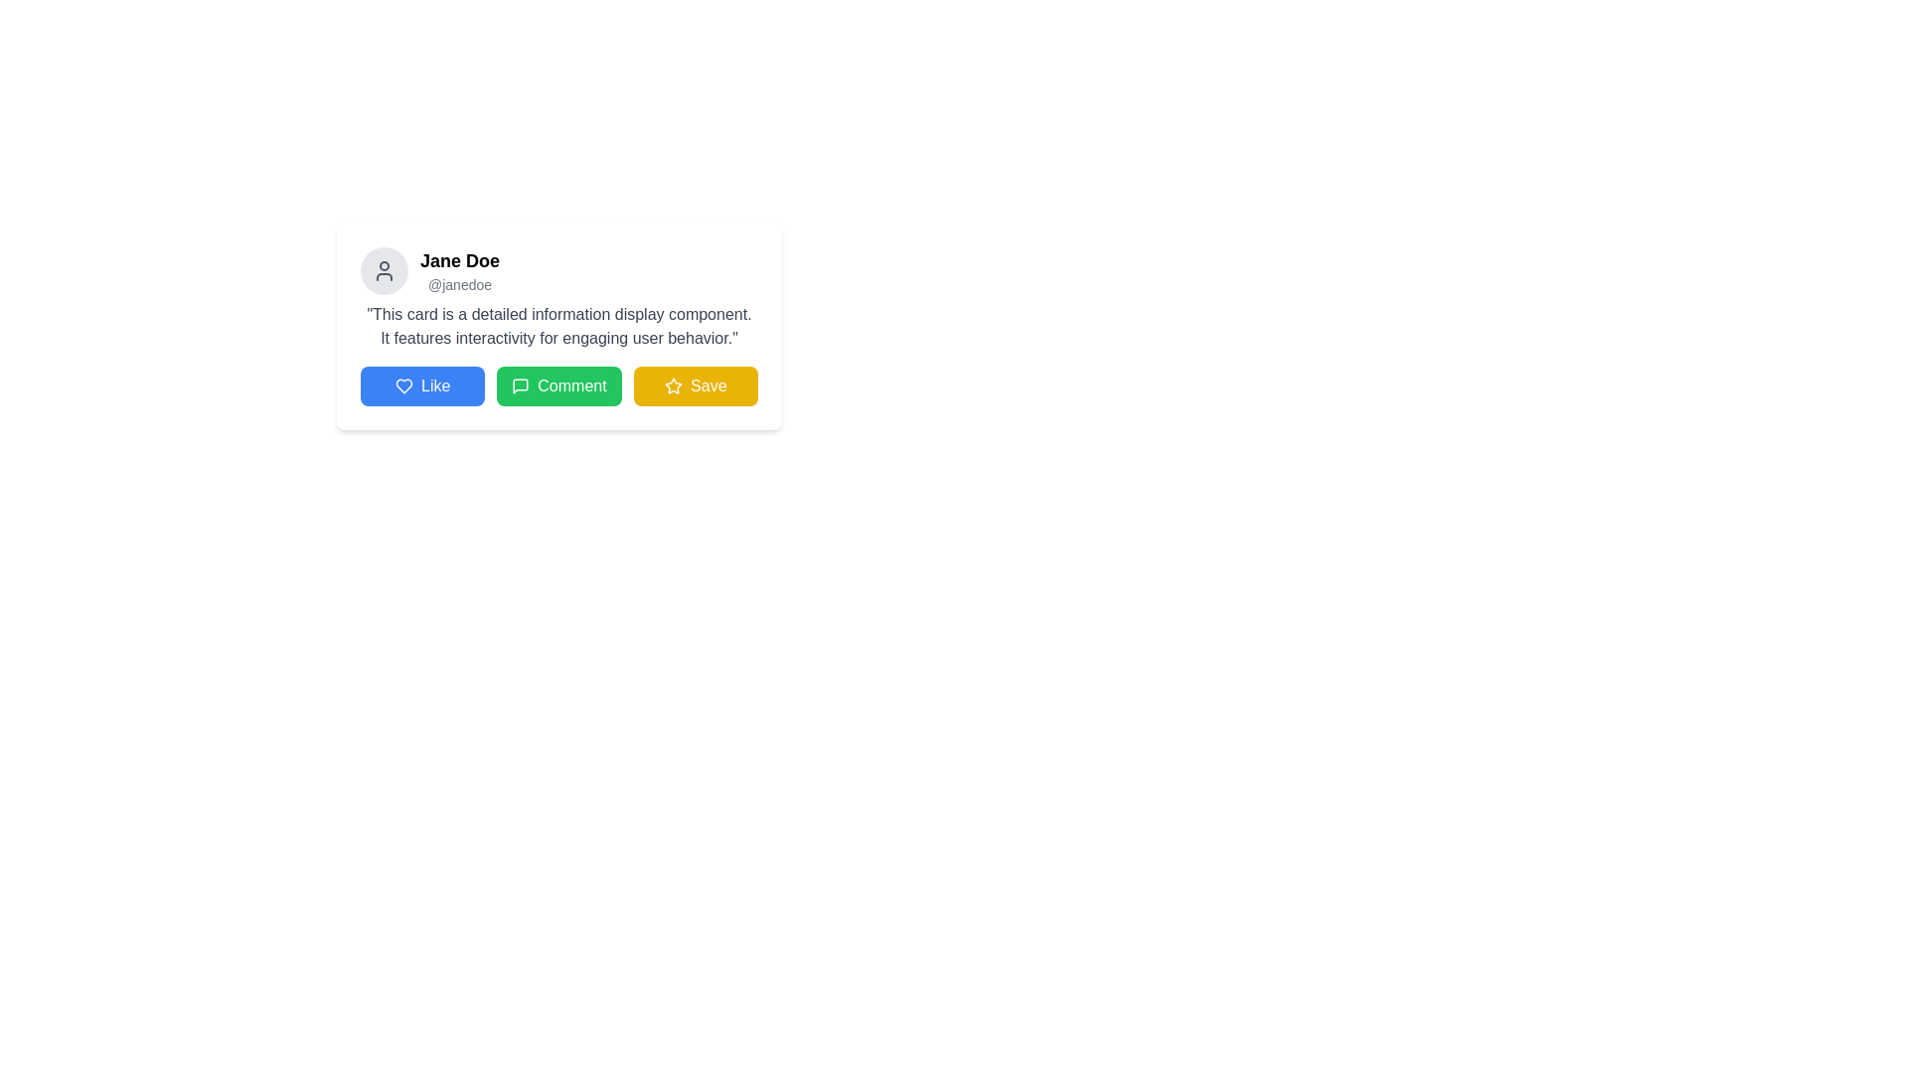  What do you see at coordinates (459, 284) in the screenshot?
I see `the text label '@janedoe', which is styled in a smaller font size and light gray color, located directly below the name 'Jane Doe' on the user profile card` at bounding box center [459, 284].